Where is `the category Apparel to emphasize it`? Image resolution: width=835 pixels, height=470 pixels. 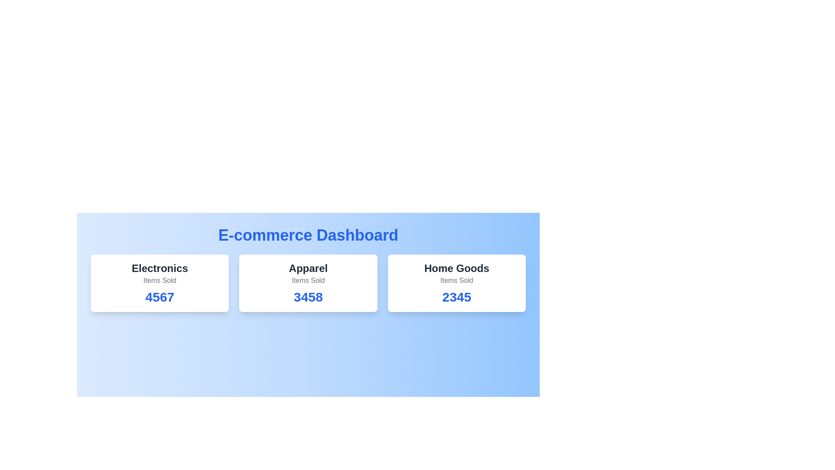 the category Apparel to emphasize it is located at coordinates (308, 268).